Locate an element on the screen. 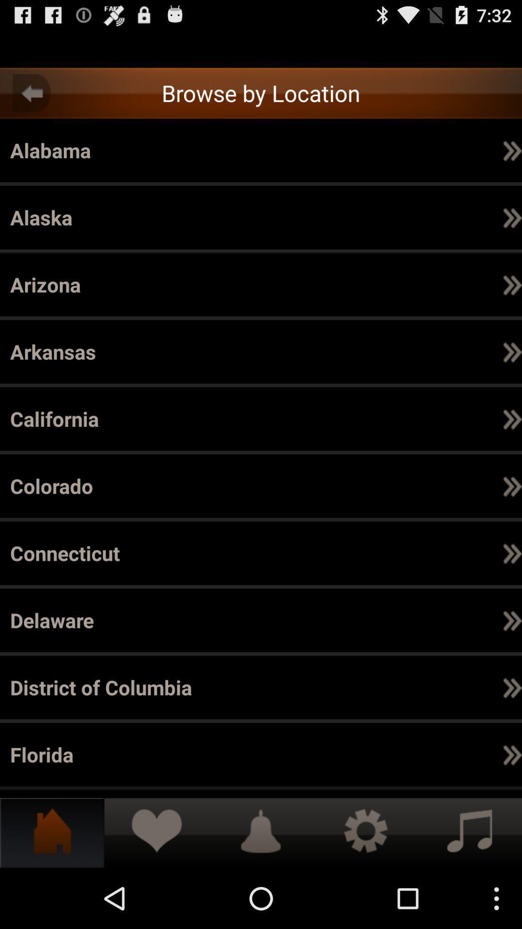 The image size is (522, 929). the icon below is located at coordinates (512, 754).